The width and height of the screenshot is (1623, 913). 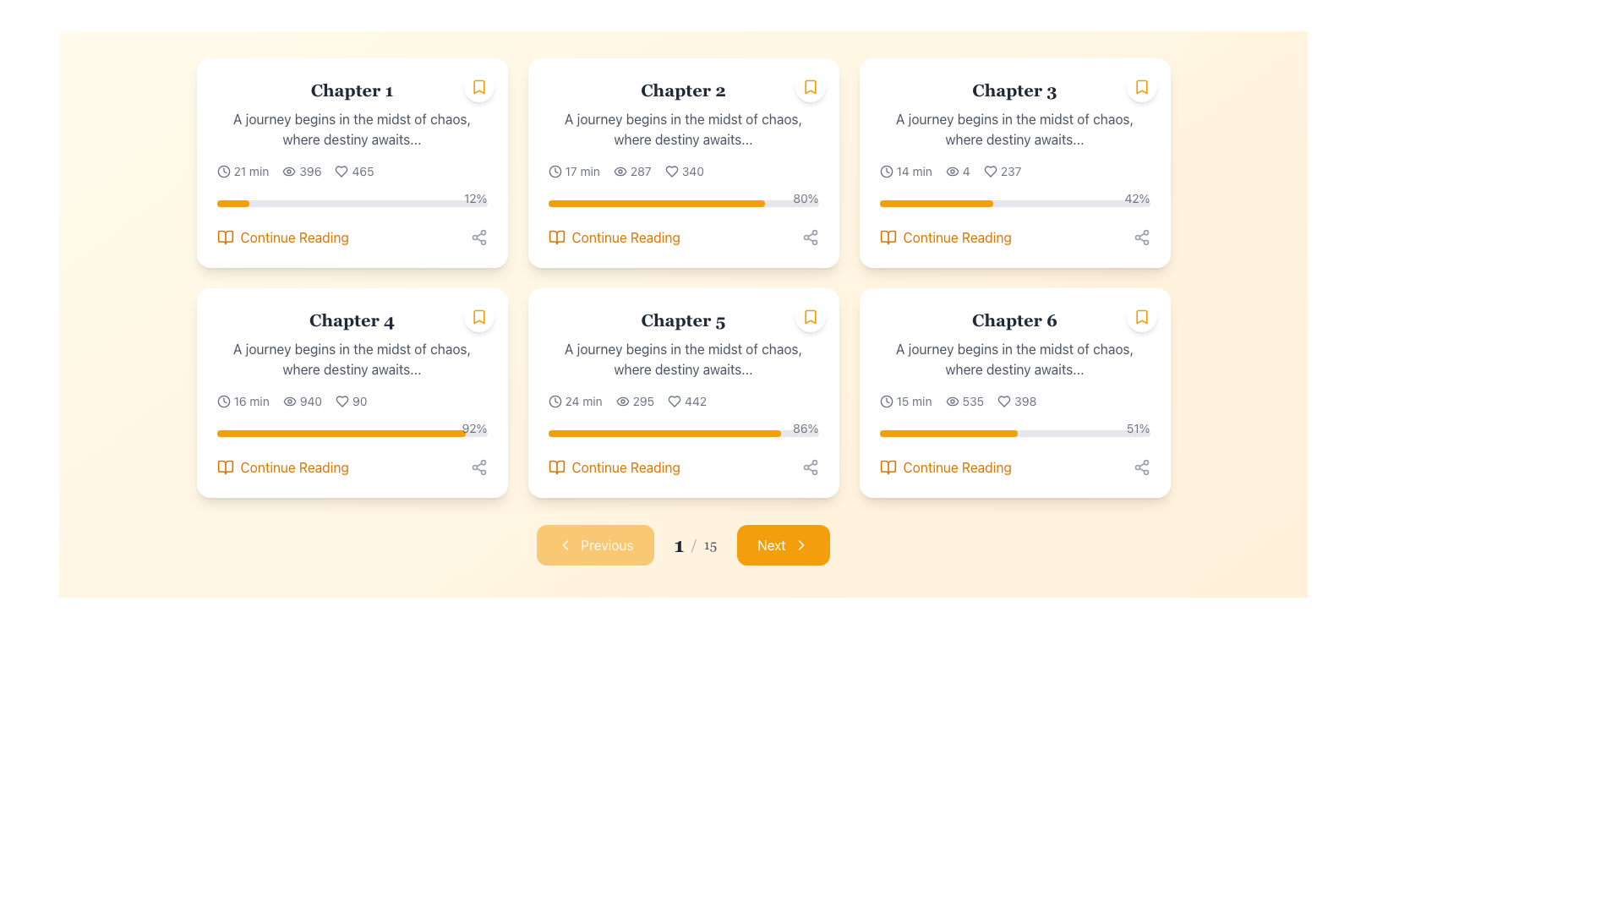 I want to click on the static text label displaying the number '4', which is positioned to the right of the eye icon and above the heart icon in chapter 3's grid layout, so click(x=966, y=172).